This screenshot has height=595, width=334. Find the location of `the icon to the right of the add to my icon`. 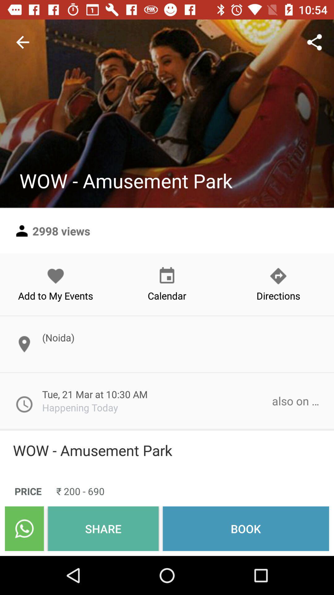

the icon to the right of the add to my icon is located at coordinates (167, 284).